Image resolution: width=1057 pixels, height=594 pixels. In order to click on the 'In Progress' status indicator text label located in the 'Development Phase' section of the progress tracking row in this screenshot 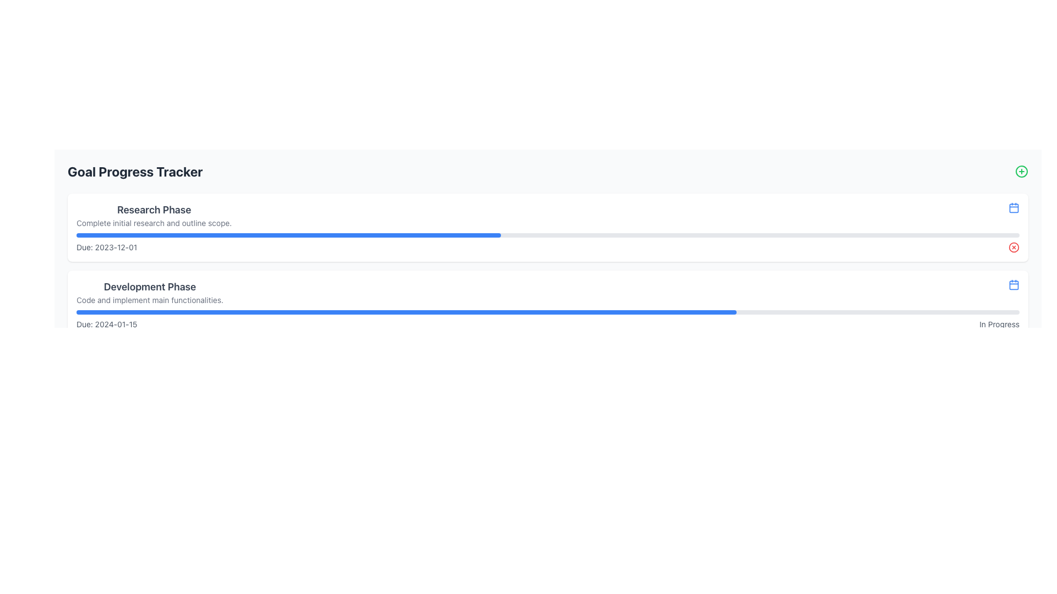, I will do `click(999, 324)`.